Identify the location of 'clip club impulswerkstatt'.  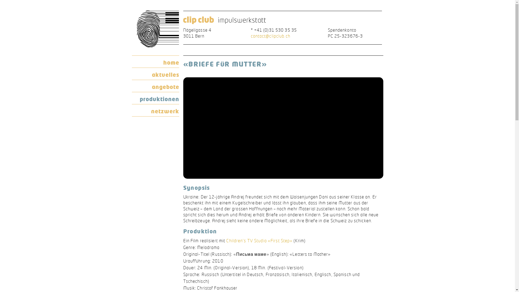
(224, 20).